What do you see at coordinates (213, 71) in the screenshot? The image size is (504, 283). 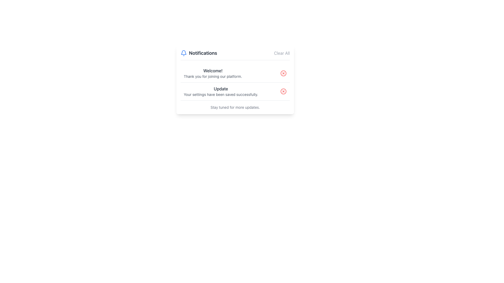 I see `welcoming message displayed in the first notification card, which is located above the text 'Thank you for joining our platform.'` at bounding box center [213, 71].